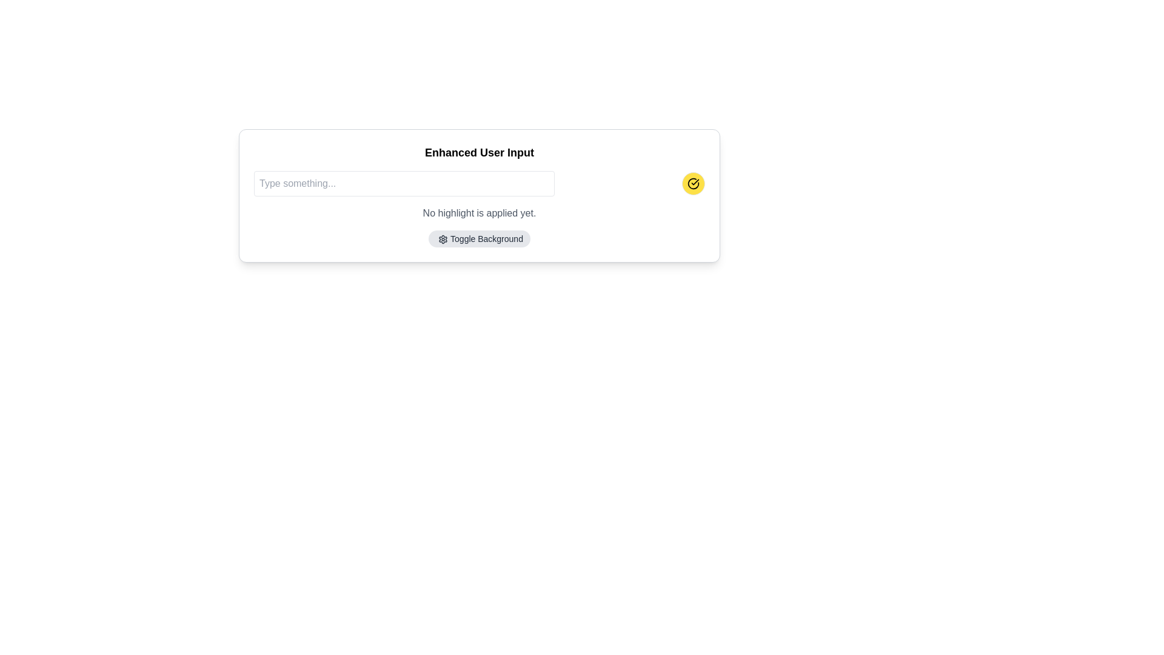 This screenshot has width=1164, height=655. I want to click on the text label that reads 'Enhanced User Input', which is styled in bold and large font at the top of the content area, so click(479, 152).